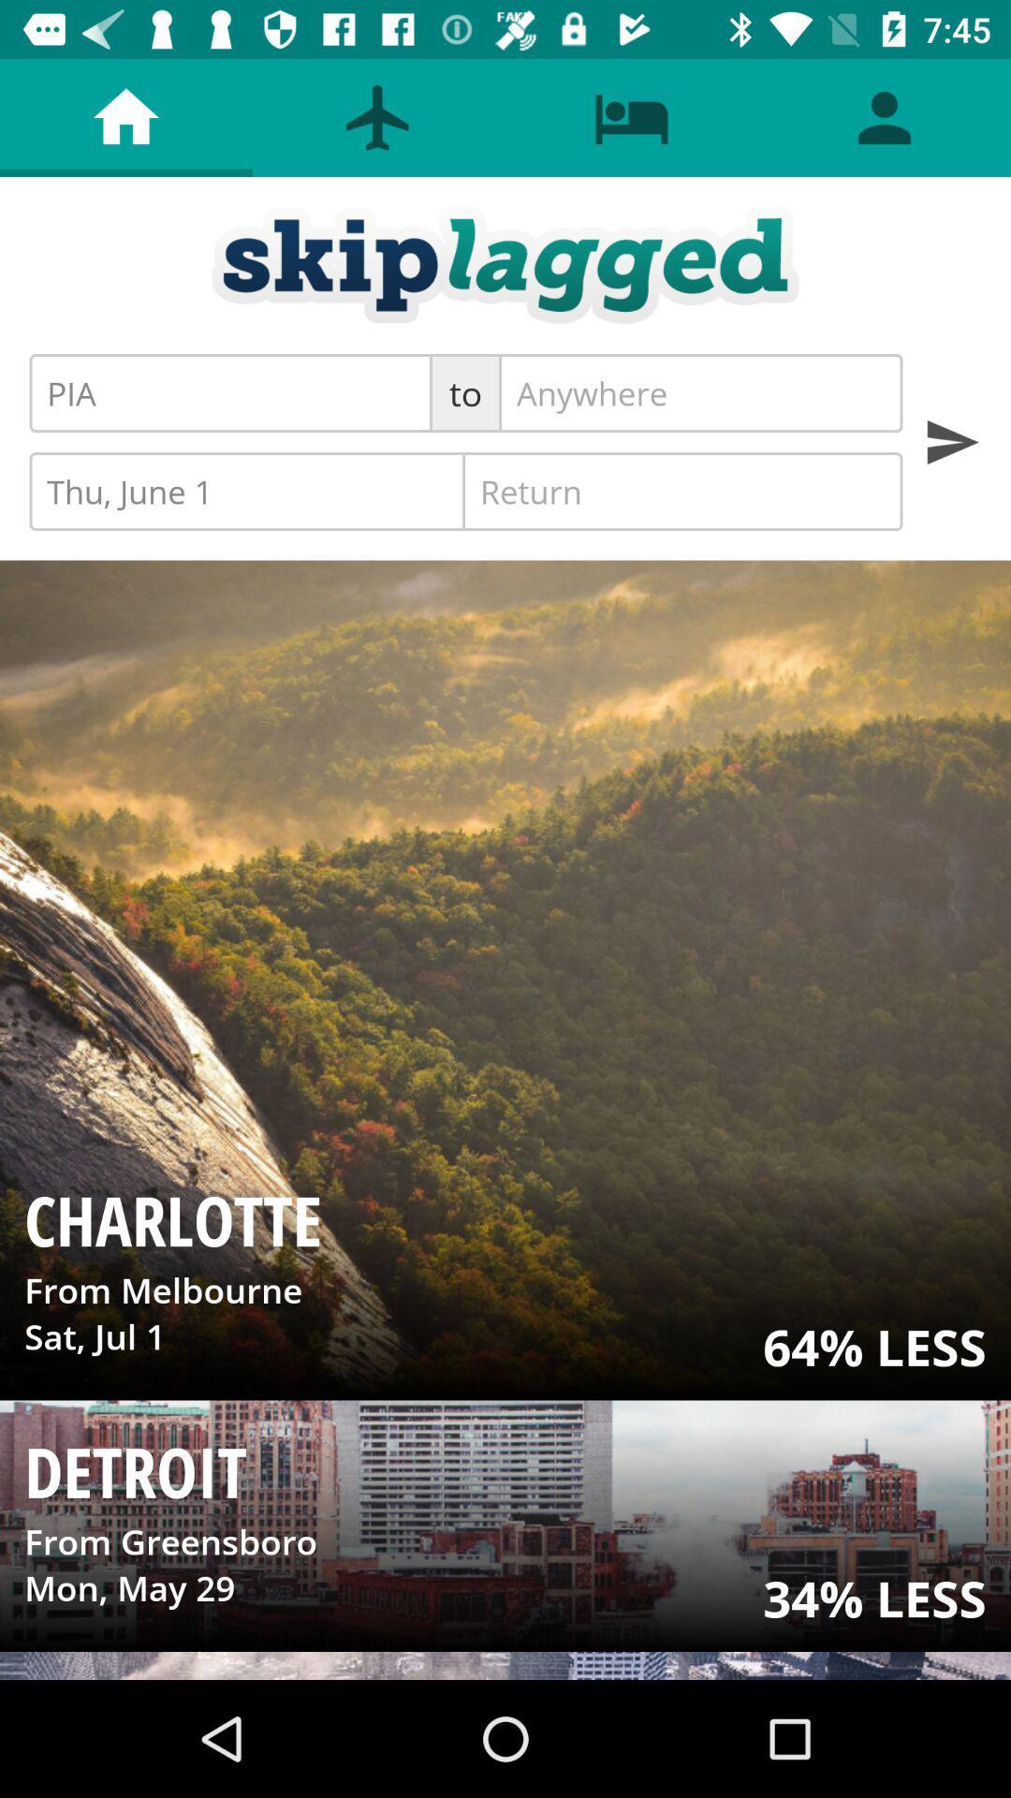 Image resolution: width=1011 pixels, height=1798 pixels. What do you see at coordinates (464, 392) in the screenshot?
I see `the icon to the right of the pia item` at bounding box center [464, 392].